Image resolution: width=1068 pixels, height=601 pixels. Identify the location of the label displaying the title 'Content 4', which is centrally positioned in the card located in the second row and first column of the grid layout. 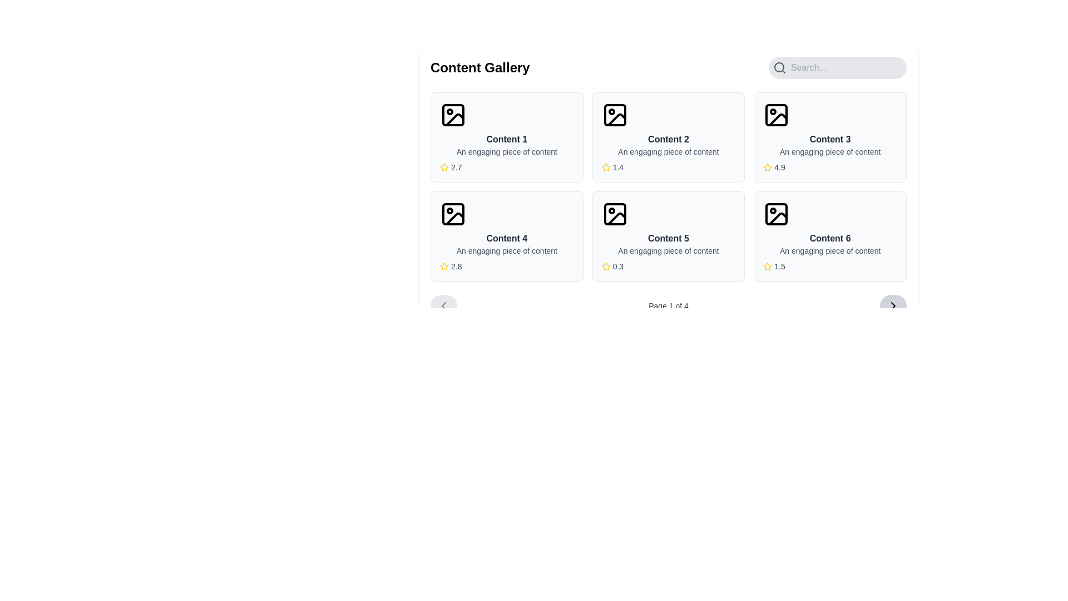
(506, 238).